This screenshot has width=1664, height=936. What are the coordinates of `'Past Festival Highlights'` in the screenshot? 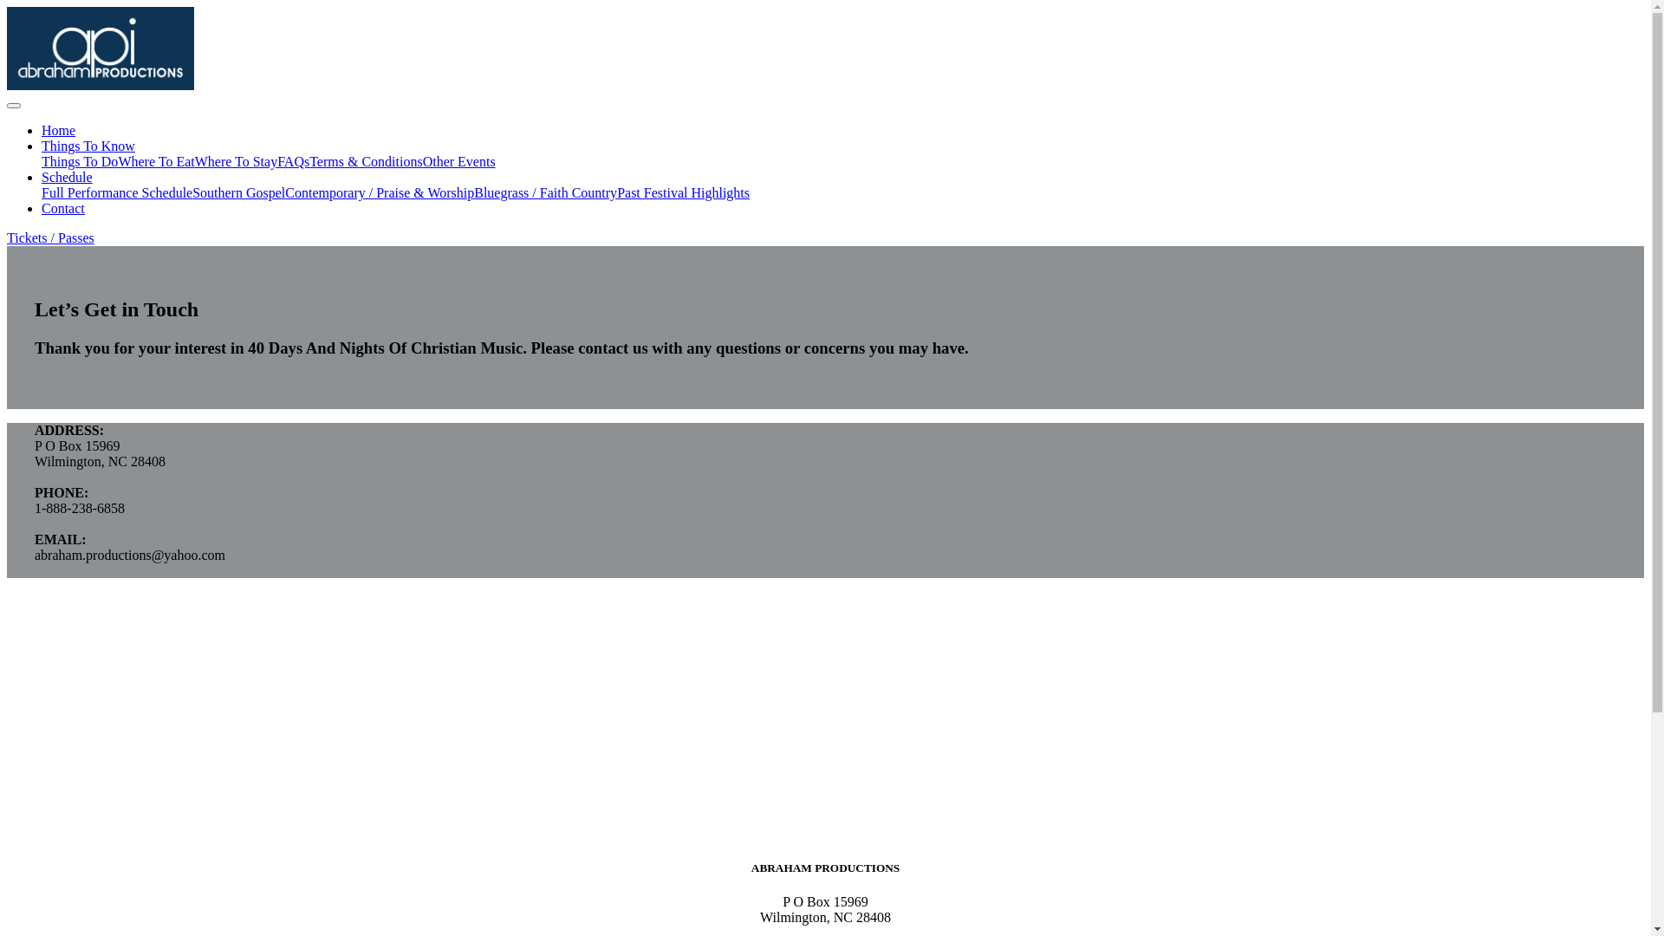 It's located at (616, 192).